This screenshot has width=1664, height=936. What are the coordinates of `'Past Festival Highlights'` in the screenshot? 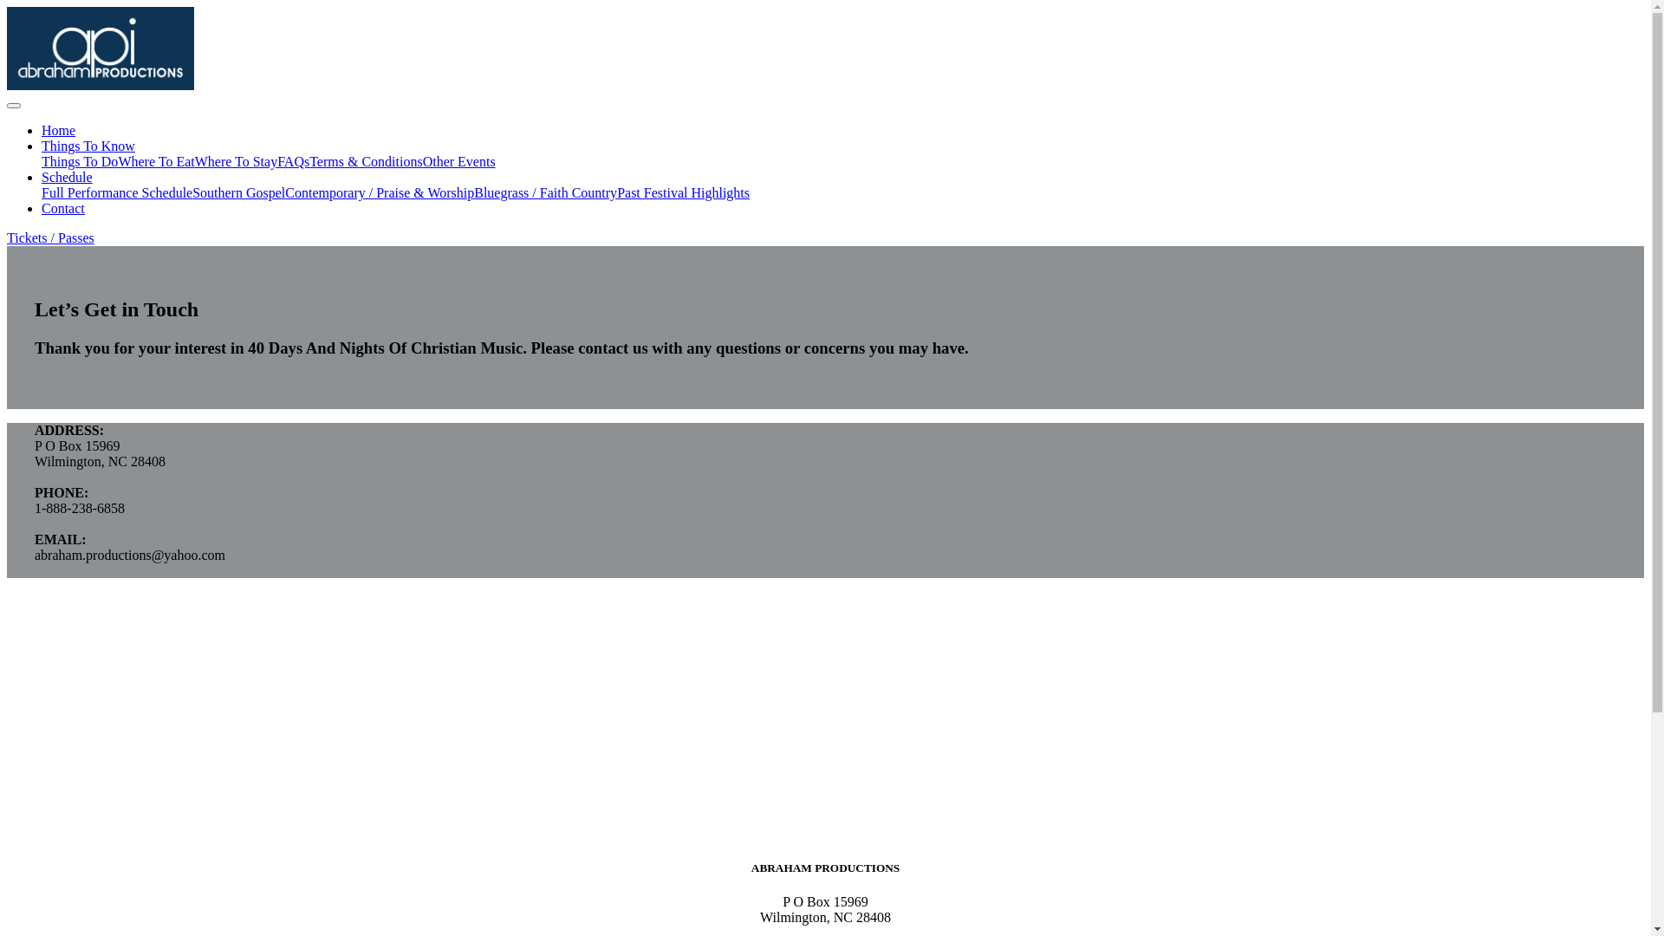 It's located at (616, 192).